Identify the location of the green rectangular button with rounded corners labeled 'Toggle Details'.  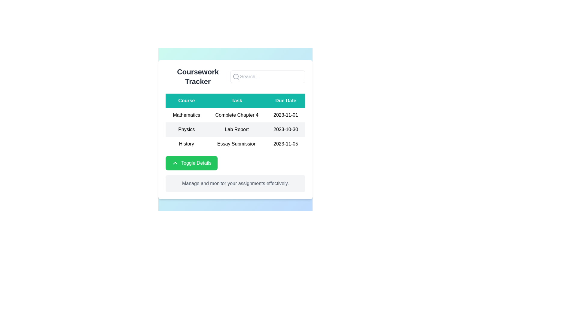
(191, 163).